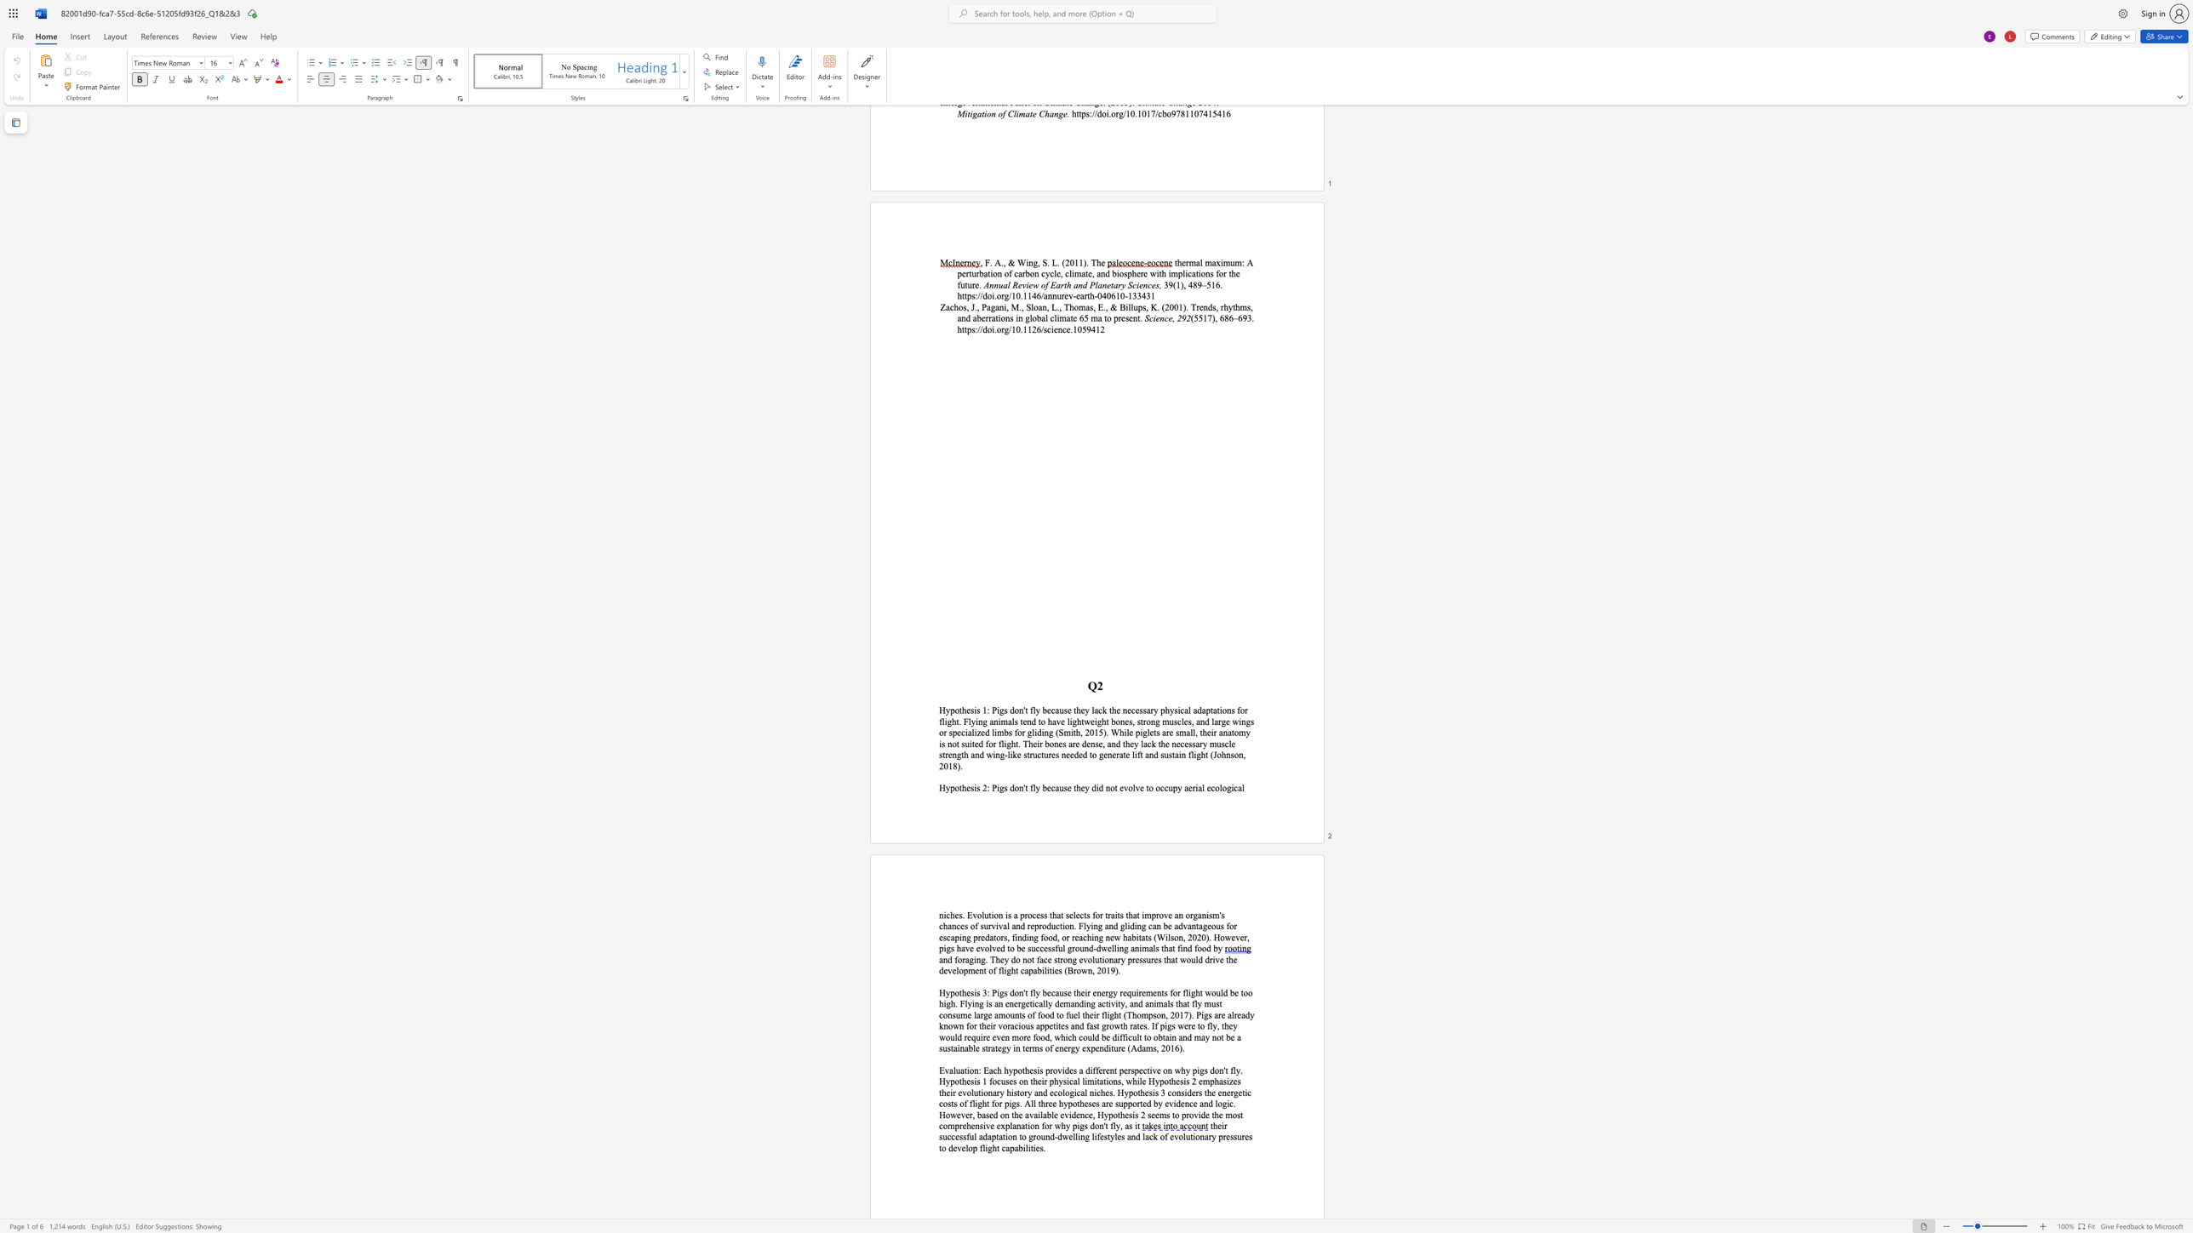 The image size is (2193, 1233). I want to click on the subset text "animals tend to have lightweight bones, strong muscles, and large wings or specialized limbs for gliding (Smith, 2015). While piglets are small, their anatomy is not suited for flight. Their bones" within the text "flight. Flying animals tend to have lightweight bones, strong muscles, and large wings or specialized limbs for gliding (Smith, 2015). While piglets are small, their anatomy is not suited for flight. Their bones are dense, and they lack the necessary muscl", so click(988, 721).